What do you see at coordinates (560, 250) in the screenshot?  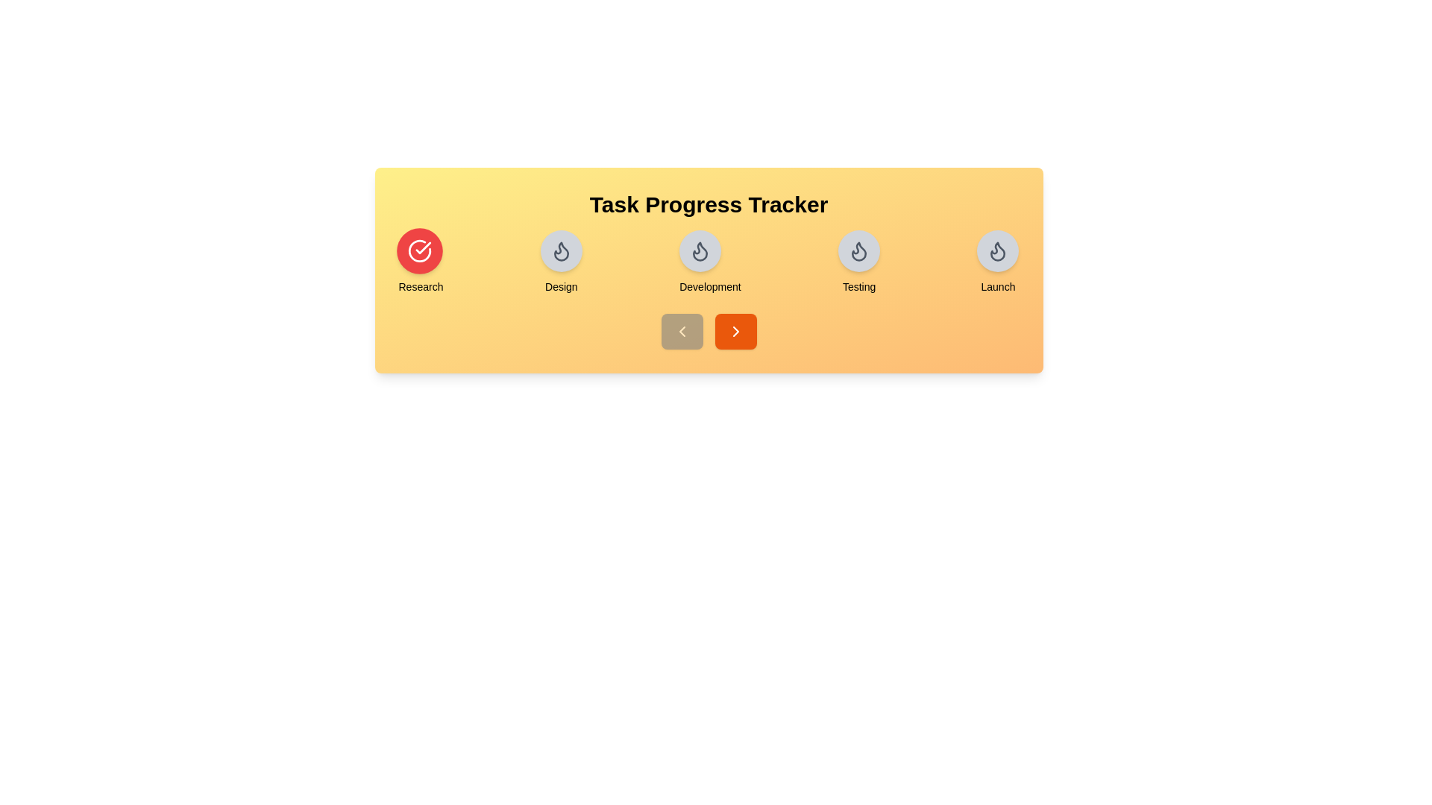 I see `the 'Design' stage icon in the Task Progress Tracker` at bounding box center [560, 250].